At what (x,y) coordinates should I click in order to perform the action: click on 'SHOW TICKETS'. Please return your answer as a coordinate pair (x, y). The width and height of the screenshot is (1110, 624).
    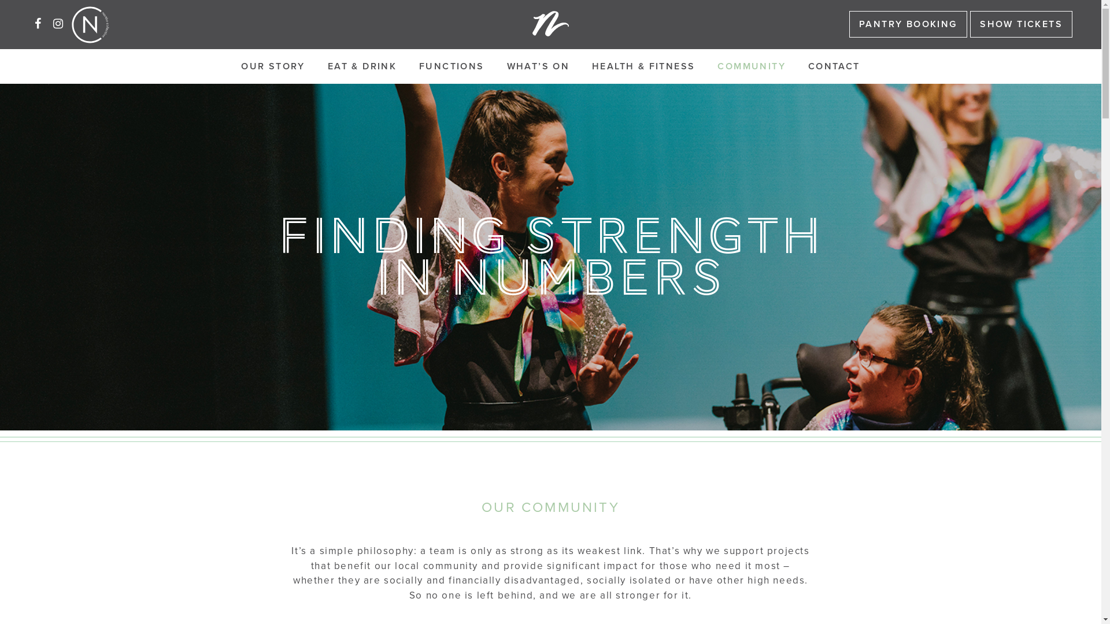
    Looking at the image, I should click on (1021, 24).